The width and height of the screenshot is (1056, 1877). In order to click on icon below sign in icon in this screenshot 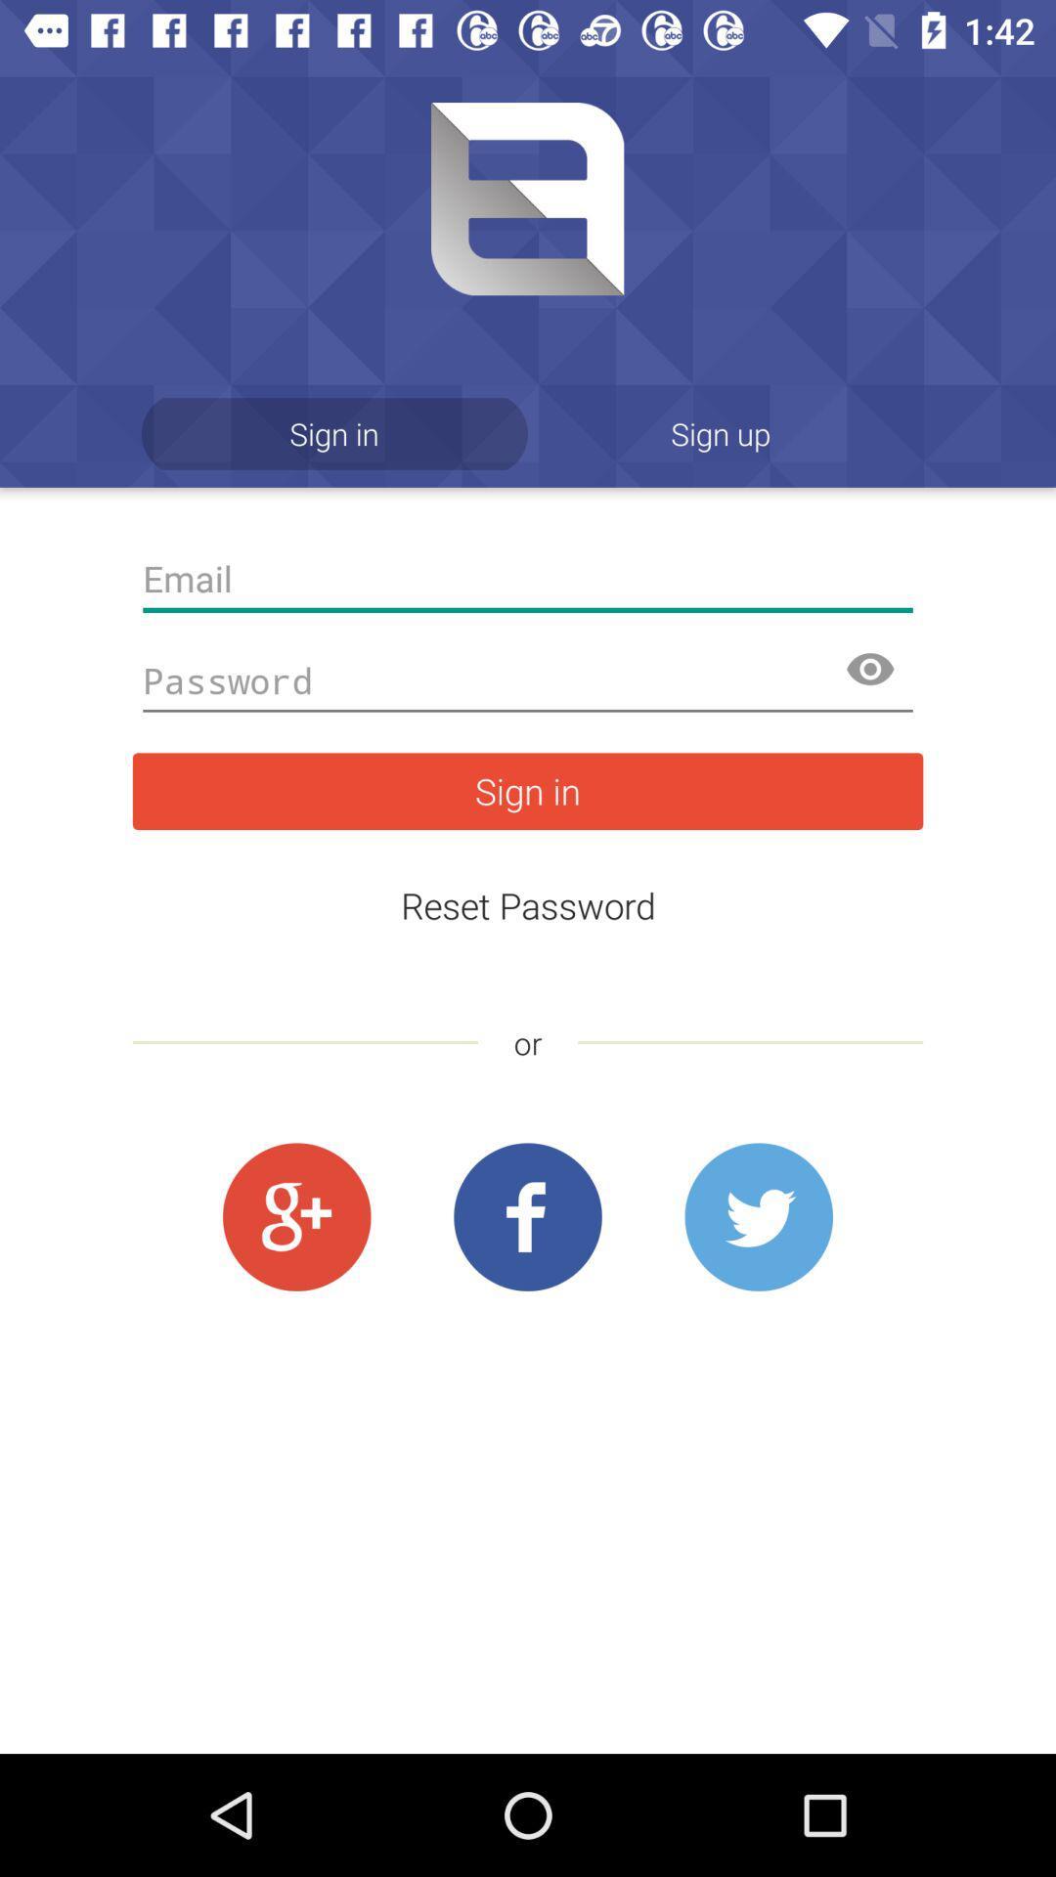, I will do `click(528, 904)`.